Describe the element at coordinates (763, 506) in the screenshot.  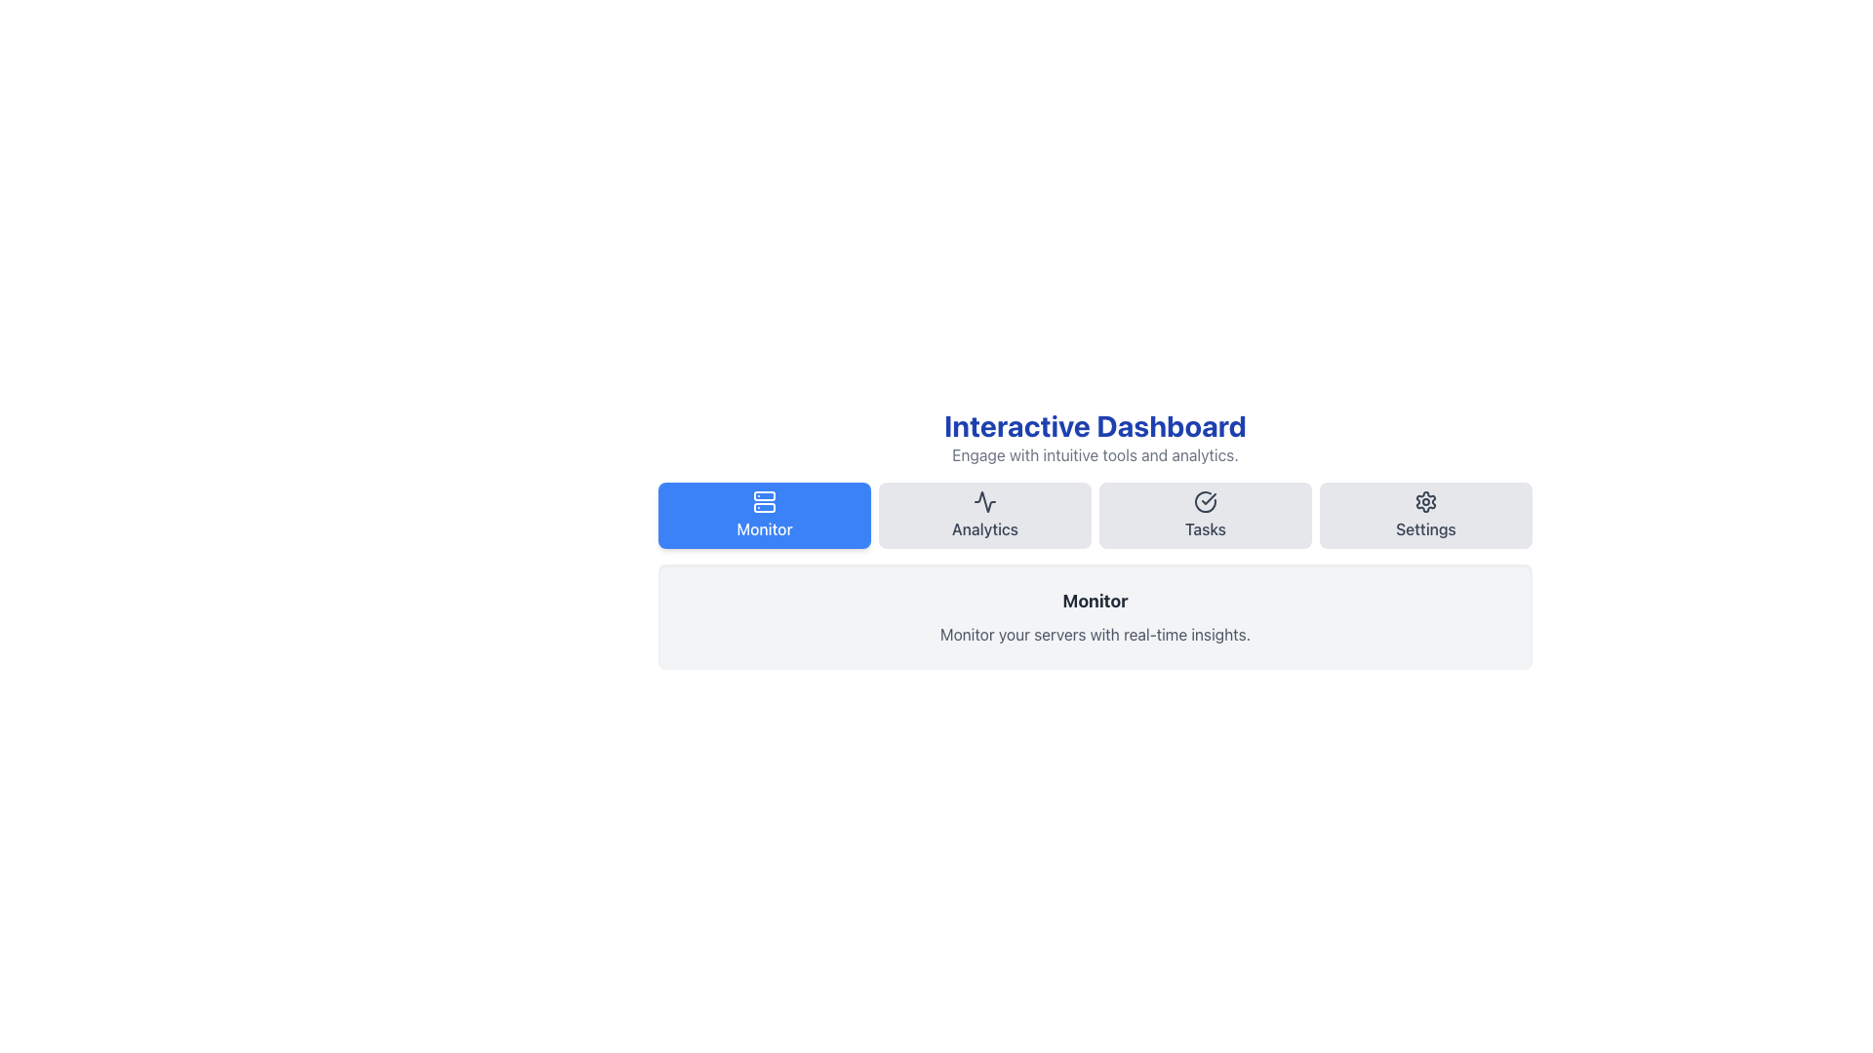
I see `the second rounded rectangle of the server icon, which is positioned in the leftmost button of the horizontal navigation bar at the top of the interface` at that location.